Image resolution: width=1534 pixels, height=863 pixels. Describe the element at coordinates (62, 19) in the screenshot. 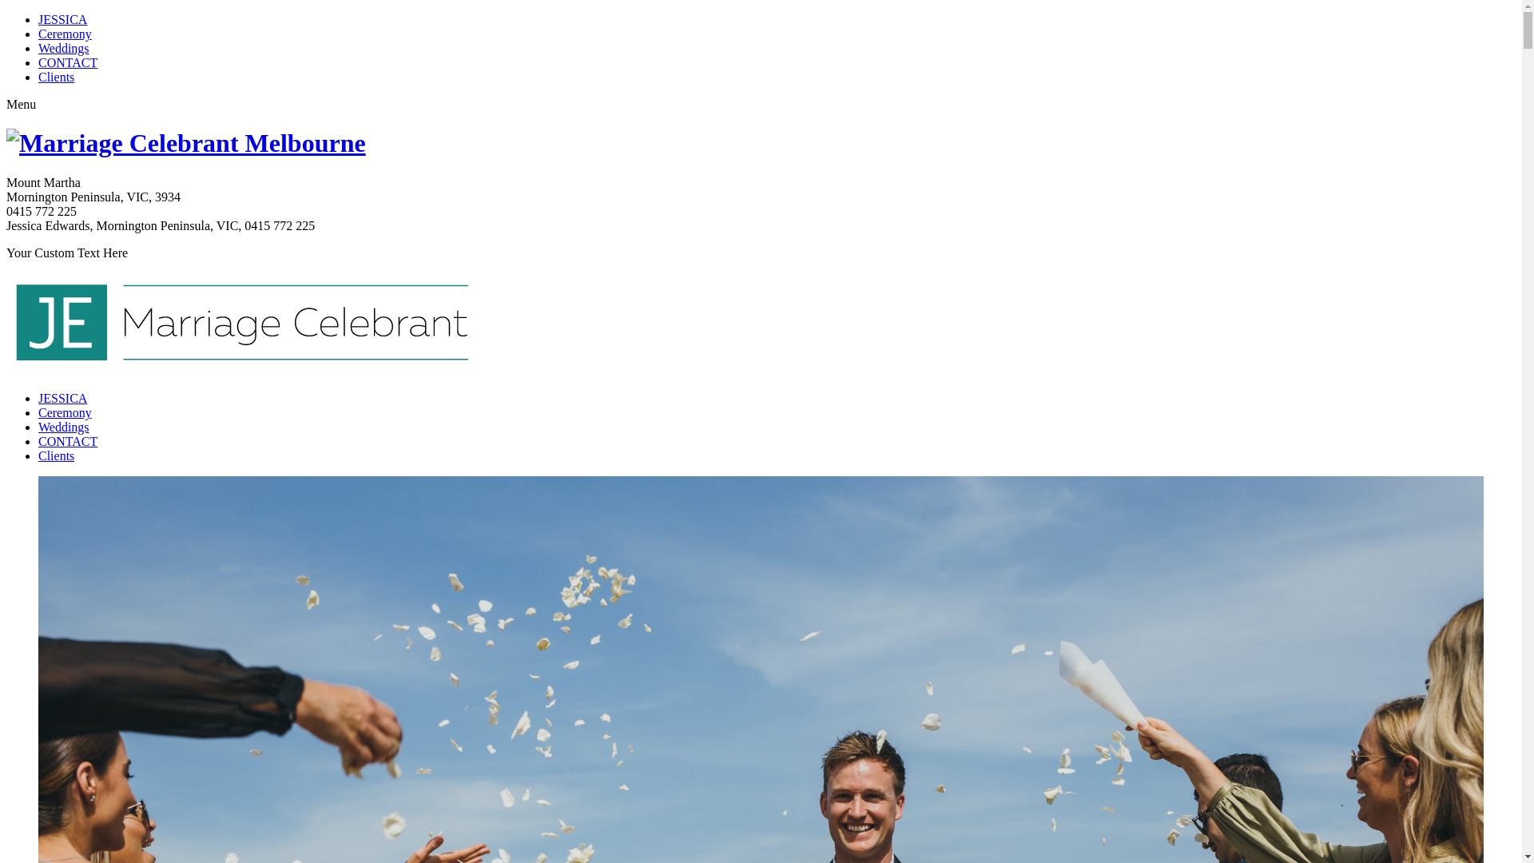

I see `'JESSICA'` at that location.